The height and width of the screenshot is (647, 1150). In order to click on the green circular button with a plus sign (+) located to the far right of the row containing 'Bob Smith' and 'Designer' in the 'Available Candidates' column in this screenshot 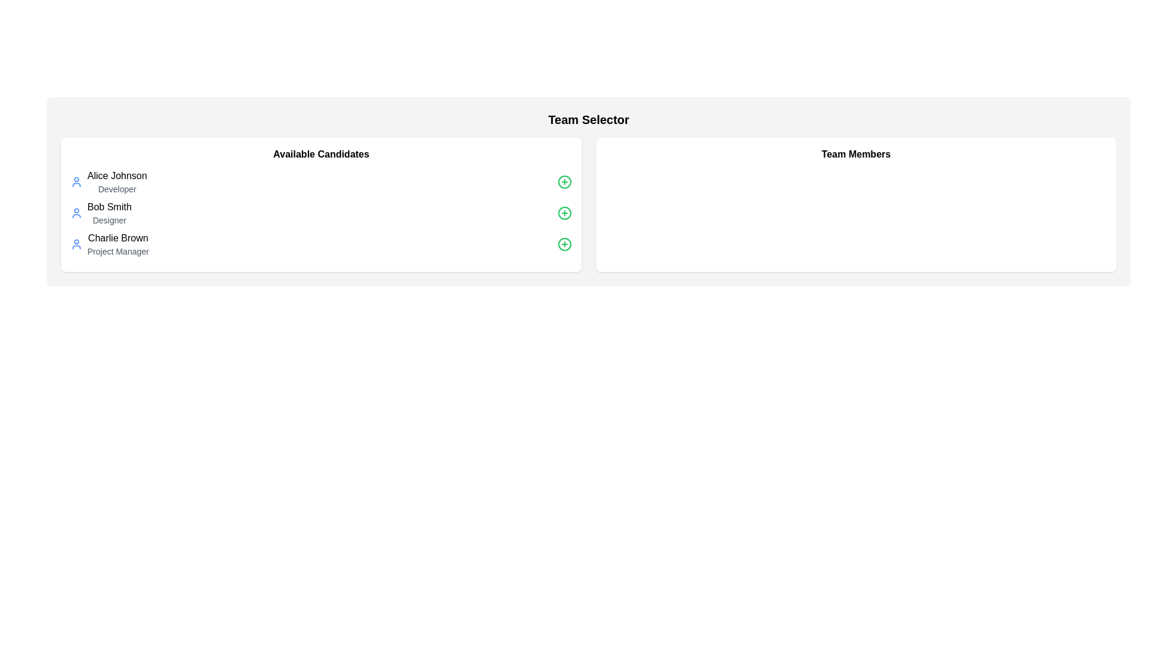, I will do `click(564, 212)`.